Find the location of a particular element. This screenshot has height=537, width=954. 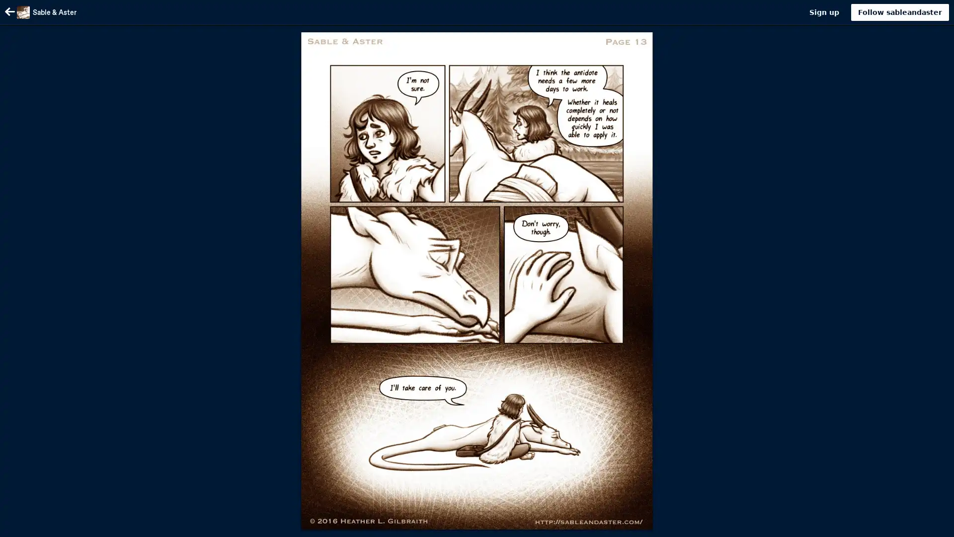

Scroll to top is located at coordinates (934, 526).